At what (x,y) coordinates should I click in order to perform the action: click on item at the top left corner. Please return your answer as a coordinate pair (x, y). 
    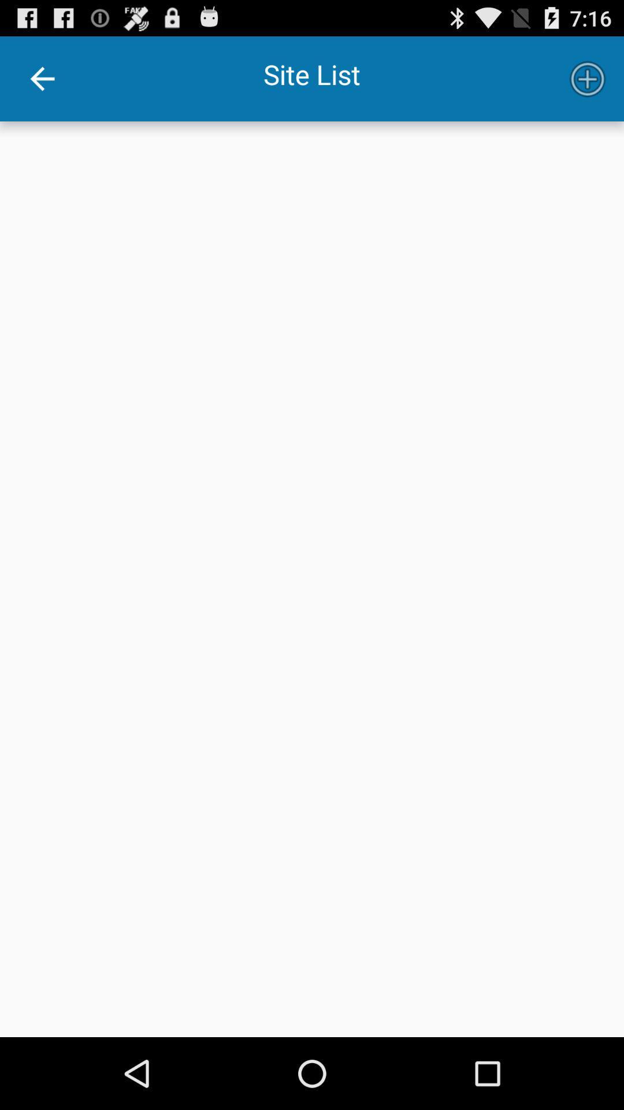
    Looking at the image, I should click on (42, 78).